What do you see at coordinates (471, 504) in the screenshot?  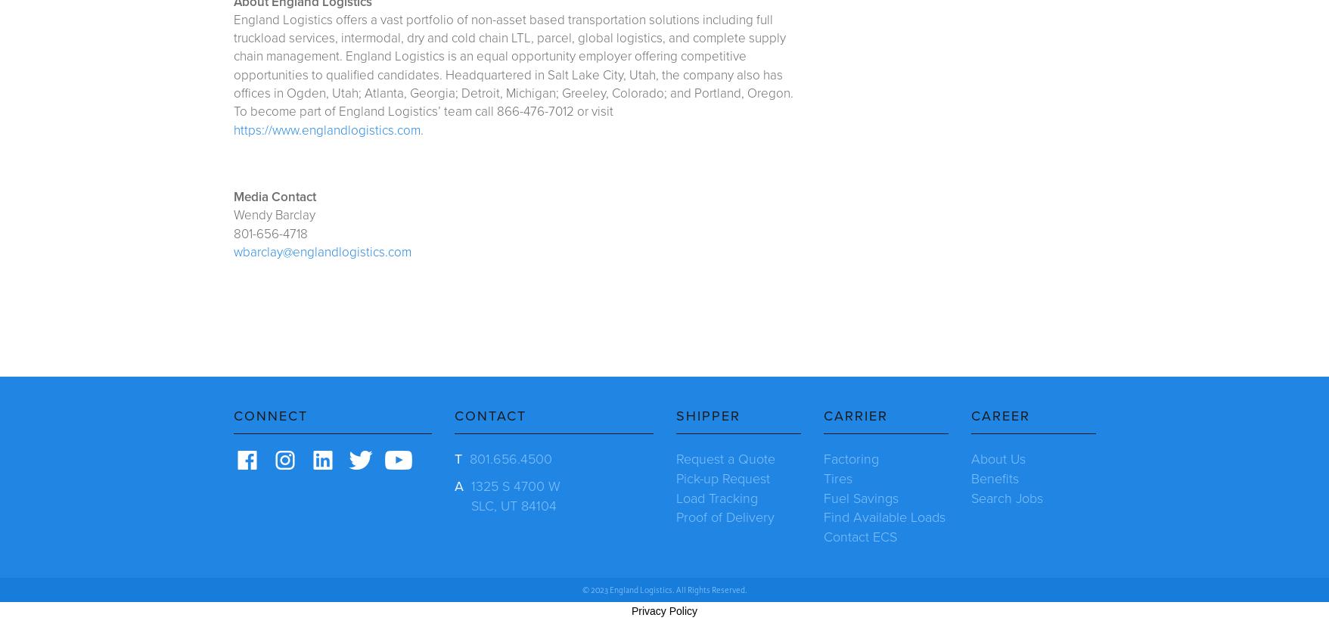 I see `'SLC, UT 84104'` at bounding box center [471, 504].